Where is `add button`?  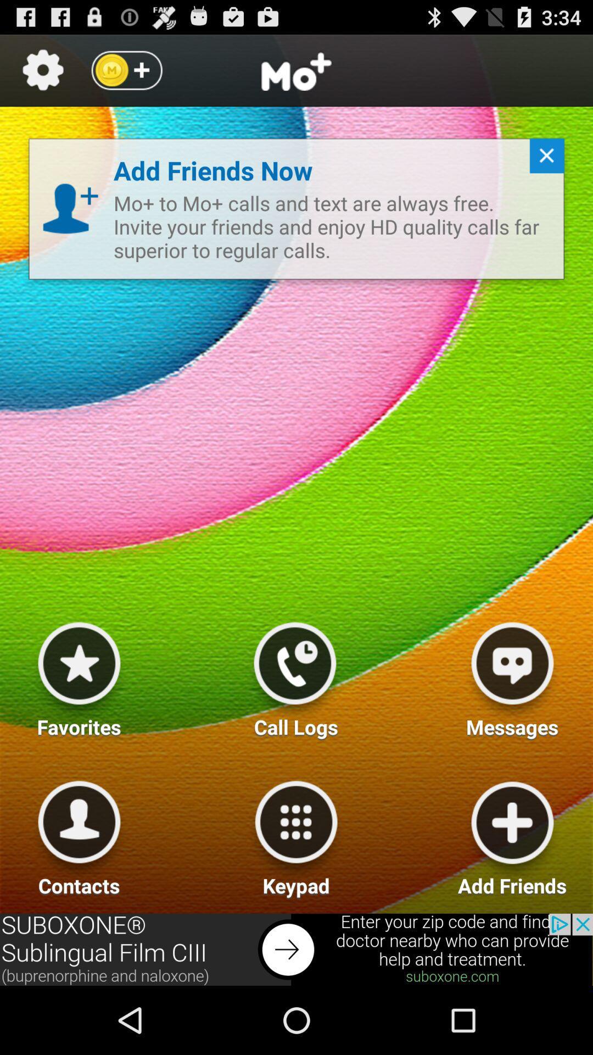
add button is located at coordinates (512, 834).